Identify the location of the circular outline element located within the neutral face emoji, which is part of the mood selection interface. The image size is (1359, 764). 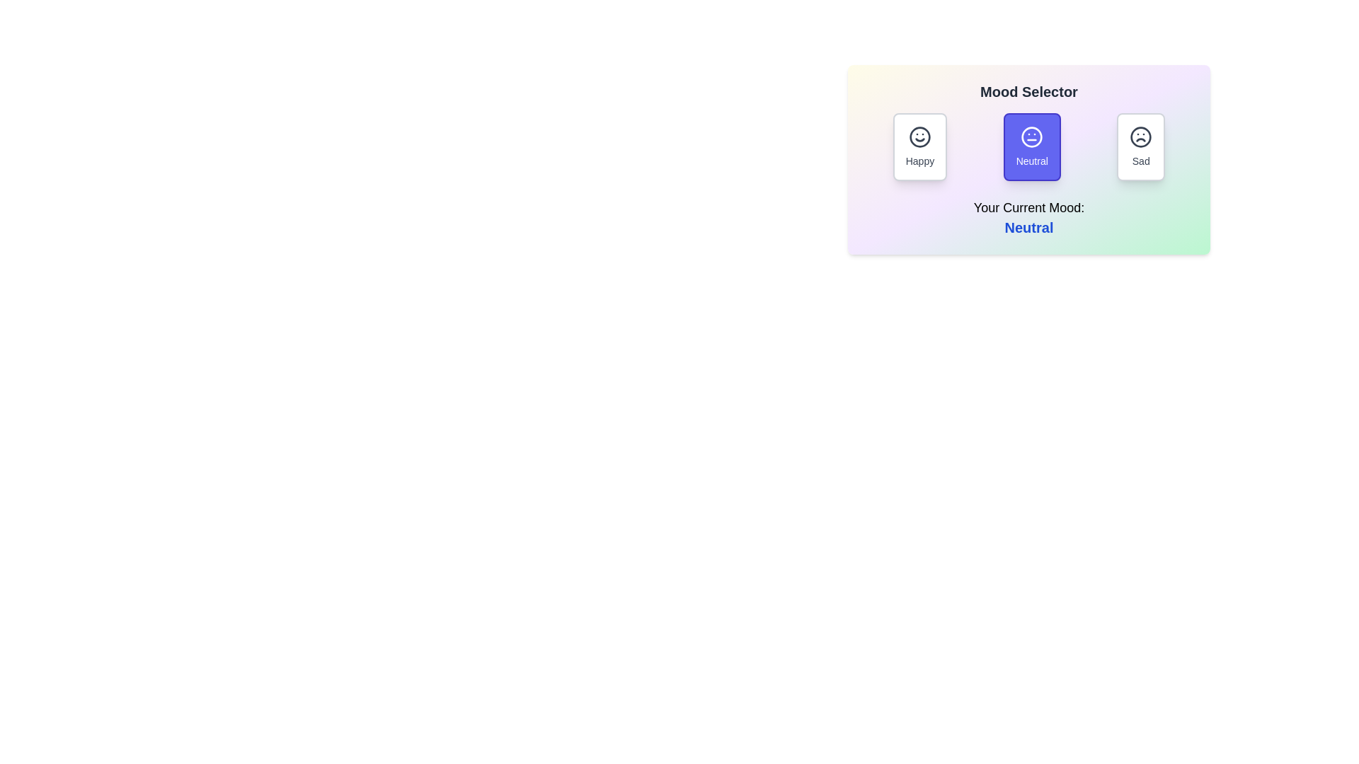
(1032, 137).